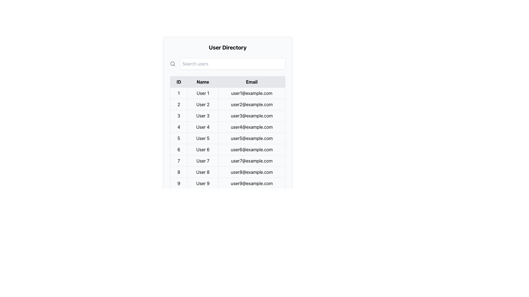  What do you see at coordinates (172, 63) in the screenshot?
I see `the circle element of the magnifying glass icon, which symbolizes a search action and is located above the data table, to the left of the input field` at bounding box center [172, 63].